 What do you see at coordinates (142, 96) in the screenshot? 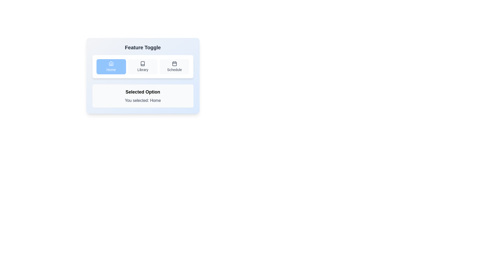
I see `the informational label that shows 'Selected Option' and 'You selected: Home', located in the bottom section of the 'Feature Toggle' card` at bounding box center [142, 96].